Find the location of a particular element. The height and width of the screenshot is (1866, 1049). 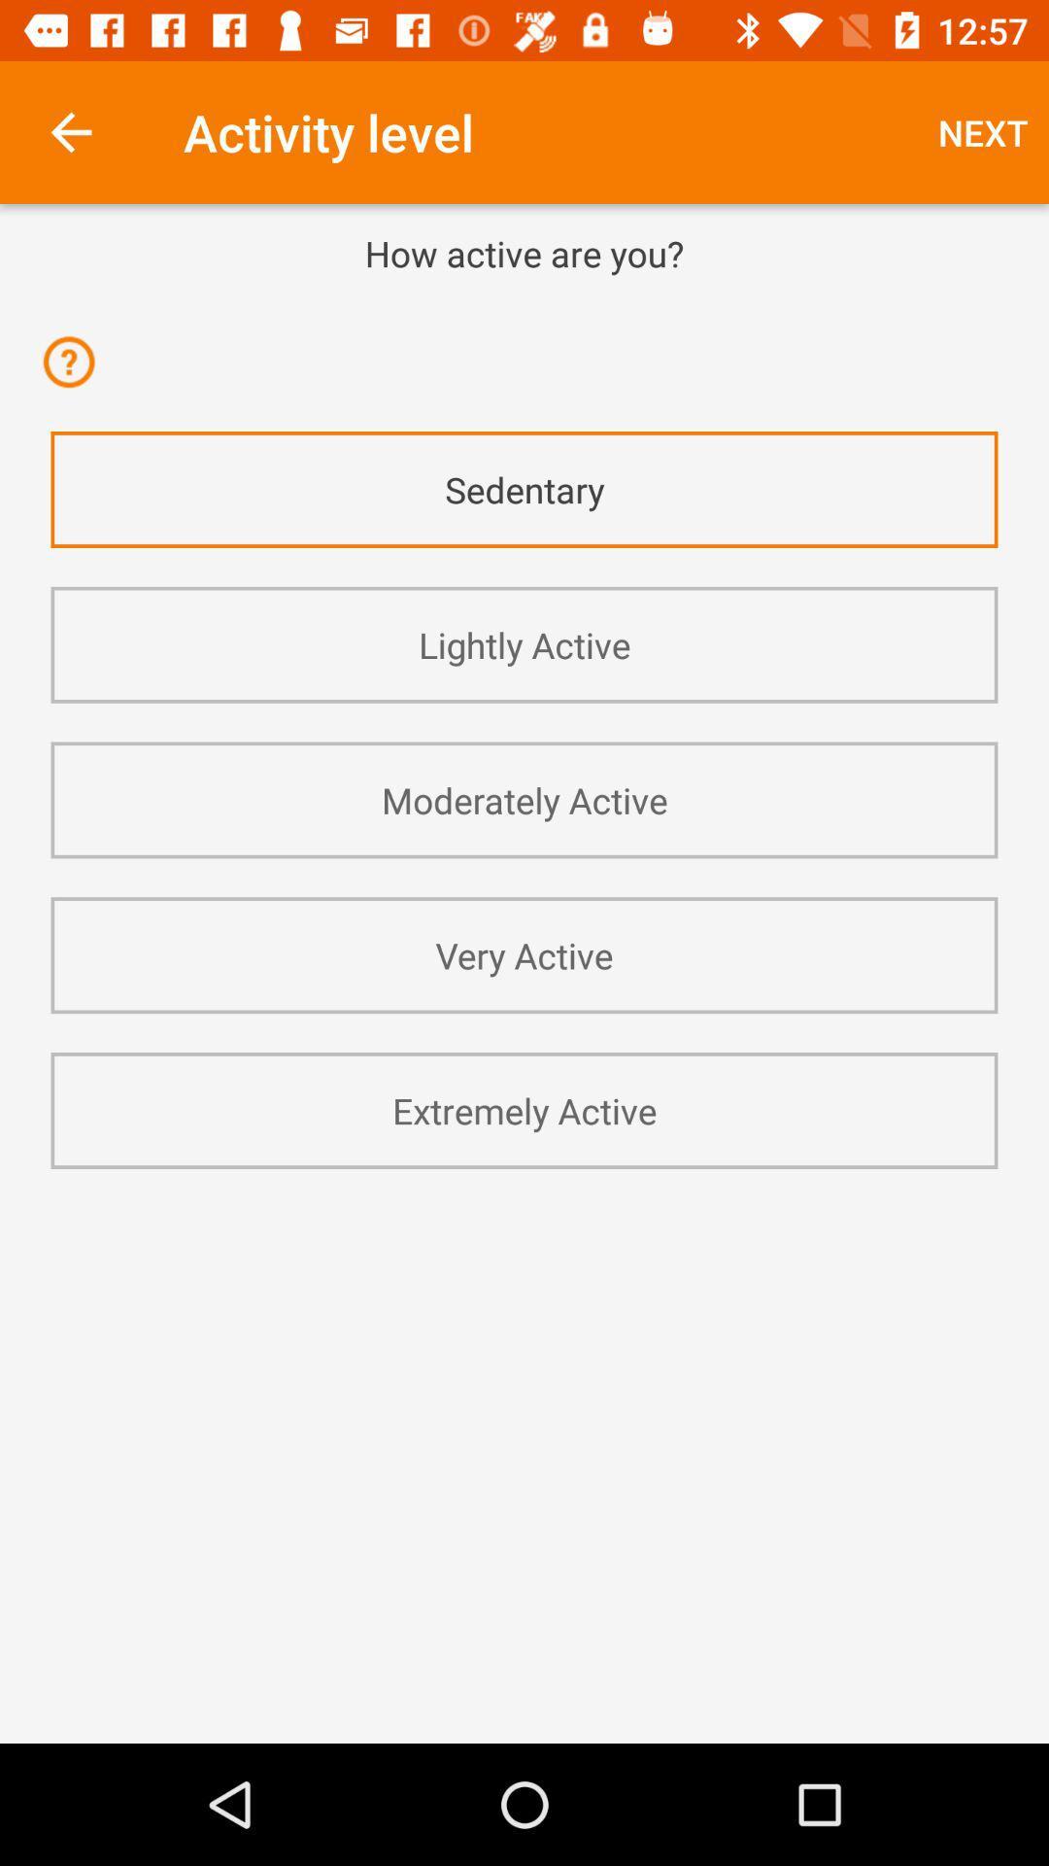

app below the moderately active app is located at coordinates (524, 955).